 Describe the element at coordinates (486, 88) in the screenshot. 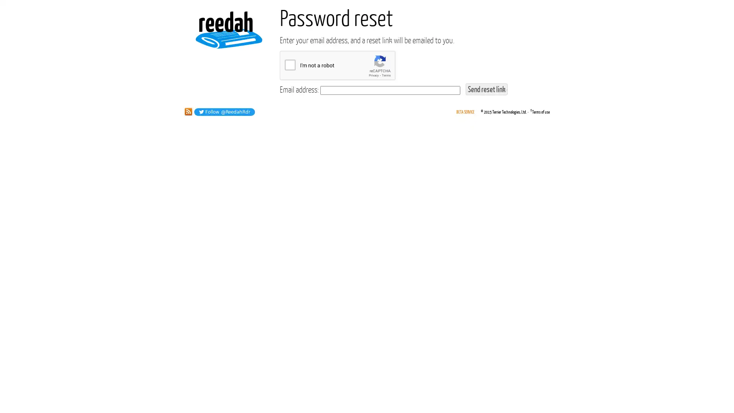

I see `Send reset link` at that location.